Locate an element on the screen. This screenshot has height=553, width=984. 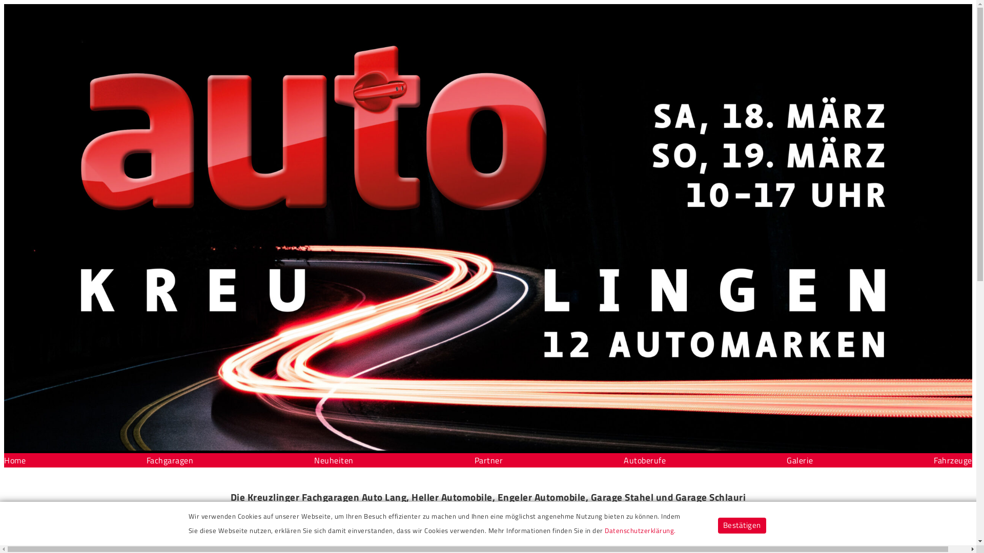
'Galerie' is located at coordinates (799, 459).